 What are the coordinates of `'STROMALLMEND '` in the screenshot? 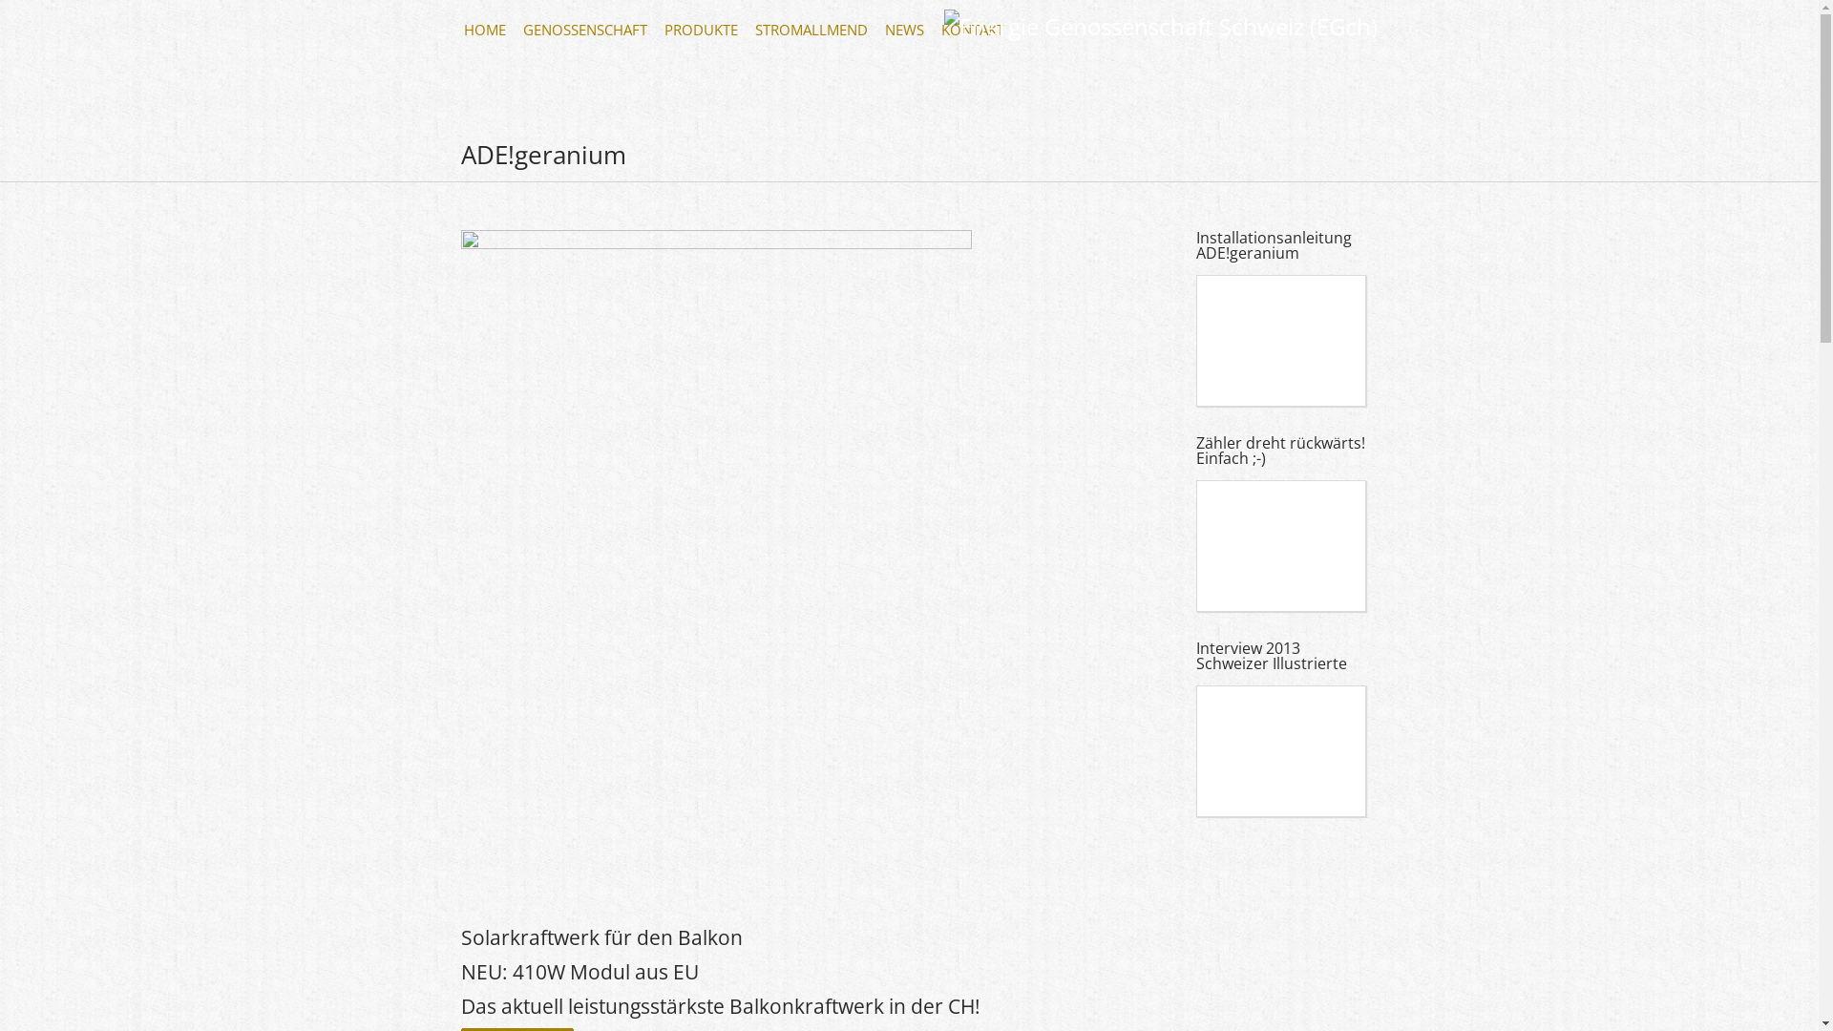 It's located at (811, 24).